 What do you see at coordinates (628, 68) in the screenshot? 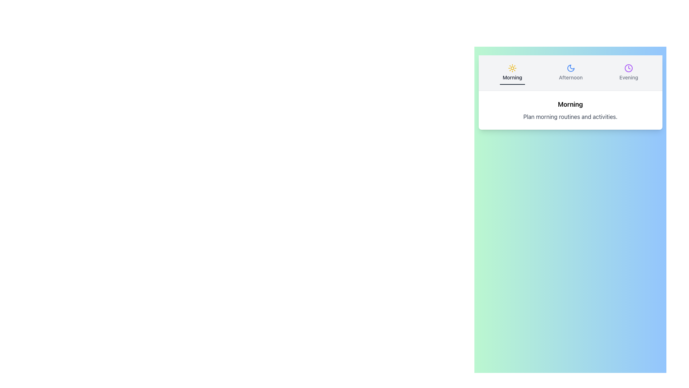
I see `the circular SVG element that represents the clock face in the 'Evening' tab, located next to the 'Morning' and 'Afternoon' icons` at bounding box center [628, 68].